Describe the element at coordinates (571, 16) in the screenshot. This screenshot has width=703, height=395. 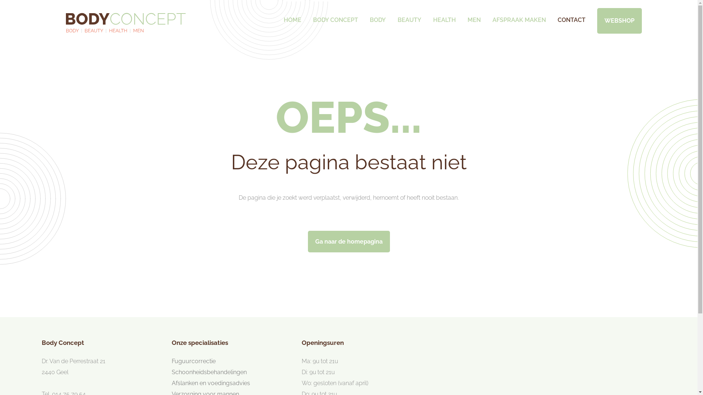
I see `'CONTACT'` at that location.